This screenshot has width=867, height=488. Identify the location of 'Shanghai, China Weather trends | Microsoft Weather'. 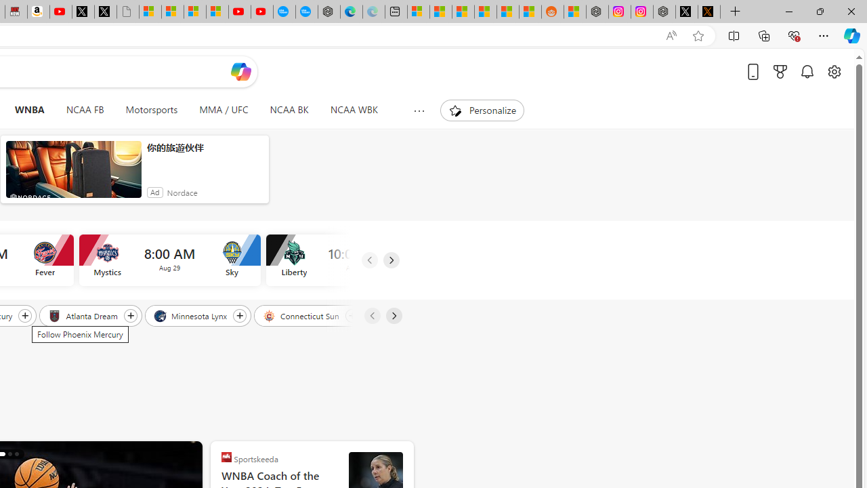
(529, 12).